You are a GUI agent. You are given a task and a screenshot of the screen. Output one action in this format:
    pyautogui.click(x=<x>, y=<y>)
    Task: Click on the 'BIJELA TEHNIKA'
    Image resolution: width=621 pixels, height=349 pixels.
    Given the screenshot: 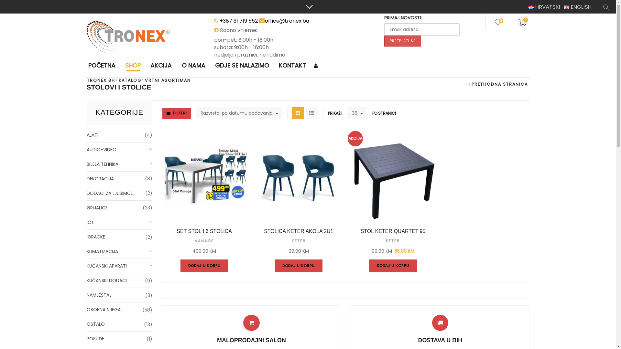 What is the action you would take?
    pyautogui.click(x=86, y=164)
    